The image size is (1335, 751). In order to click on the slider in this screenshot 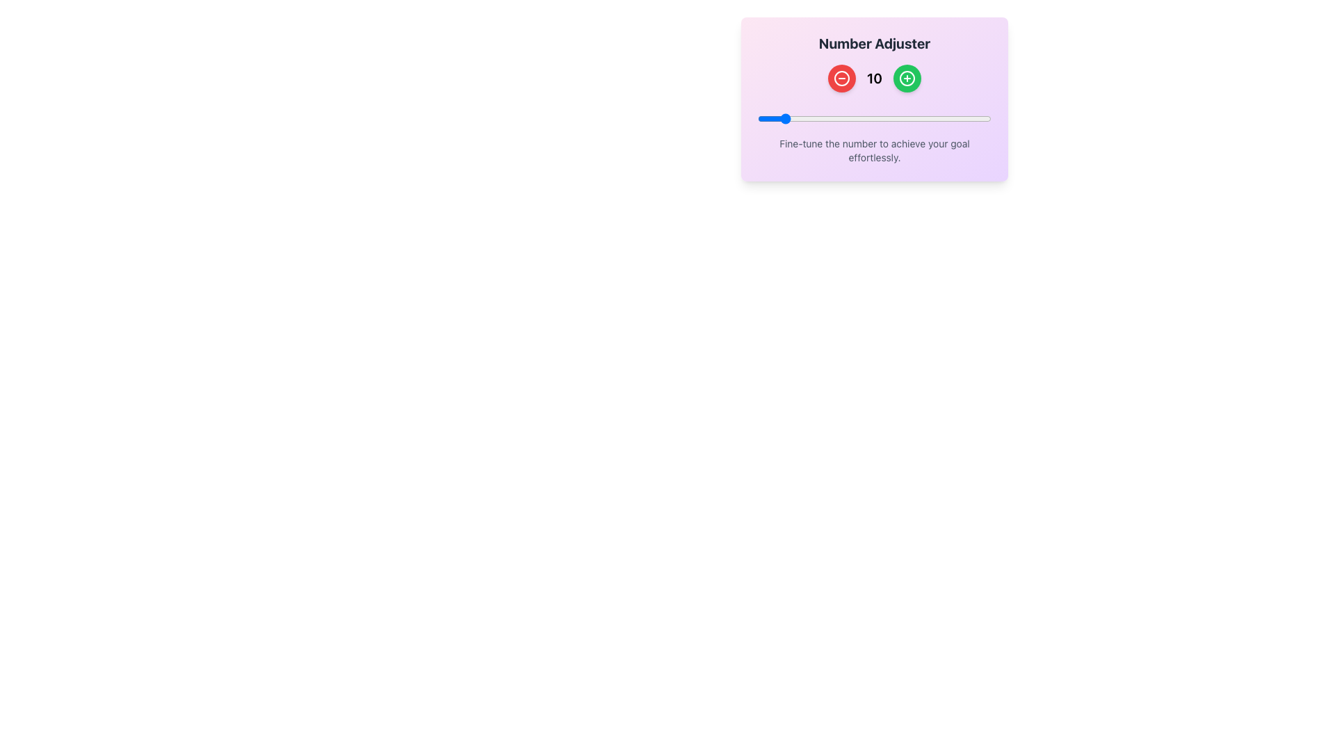, I will do `click(761, 118)`.